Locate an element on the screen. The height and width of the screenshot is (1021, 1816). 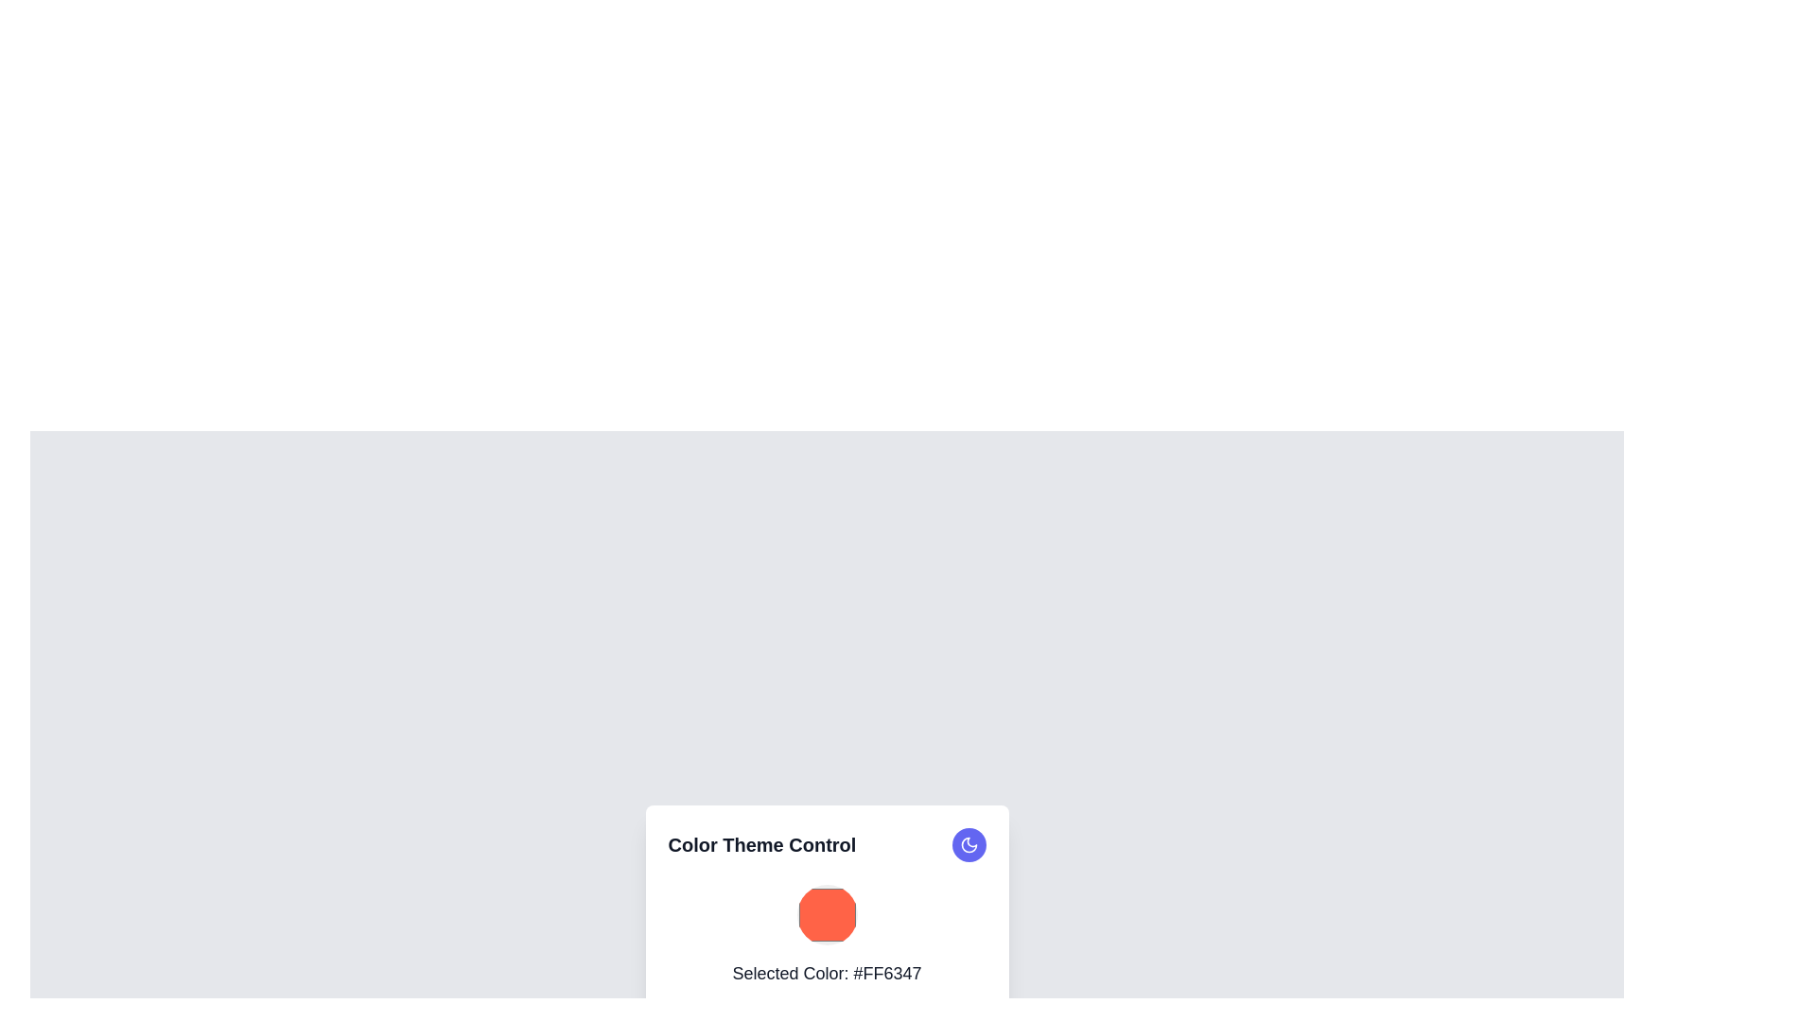
the moon icon located in the top-right area of the 'Color Theme Control' card is located at coordinates (969, 844).